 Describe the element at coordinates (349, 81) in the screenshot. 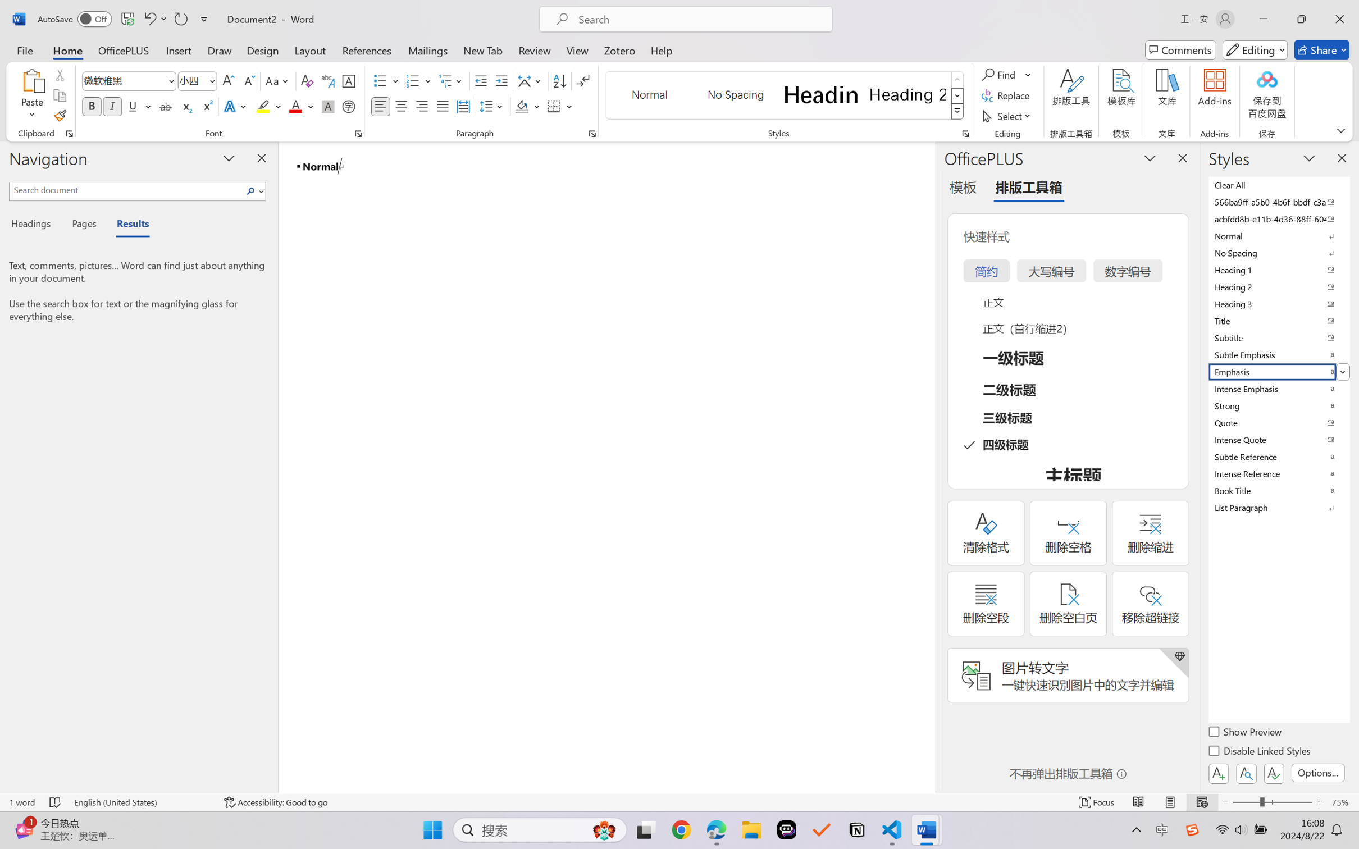

I see `'Character Border'` at that location.